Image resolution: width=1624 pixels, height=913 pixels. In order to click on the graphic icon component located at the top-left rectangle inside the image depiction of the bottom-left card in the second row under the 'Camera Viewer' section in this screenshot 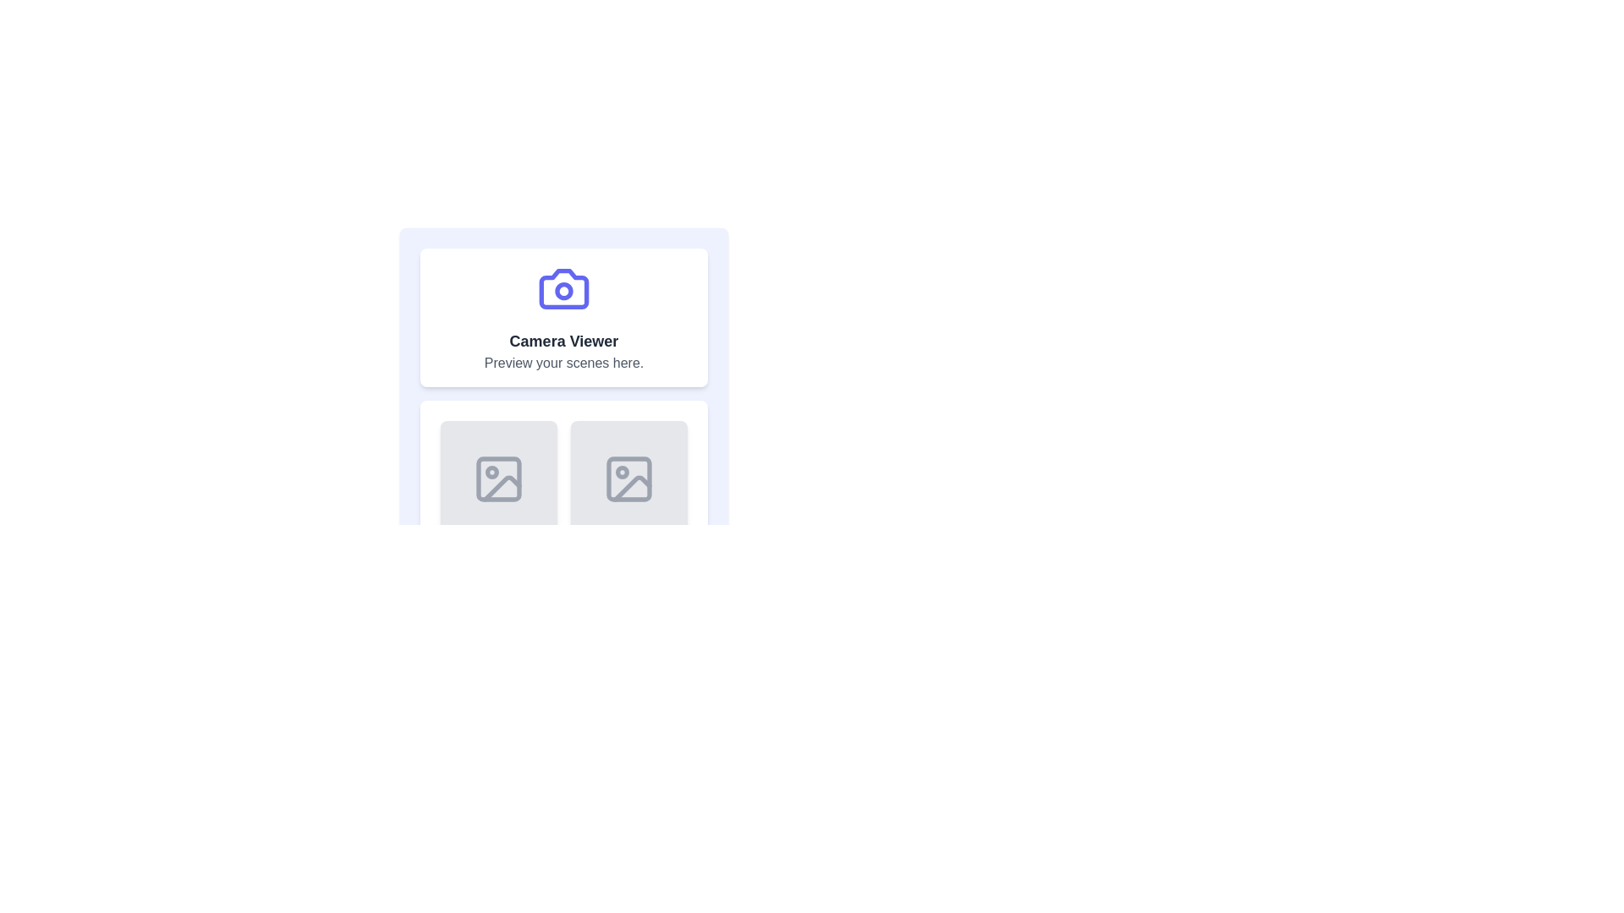, I will do `click(498, 479)`.